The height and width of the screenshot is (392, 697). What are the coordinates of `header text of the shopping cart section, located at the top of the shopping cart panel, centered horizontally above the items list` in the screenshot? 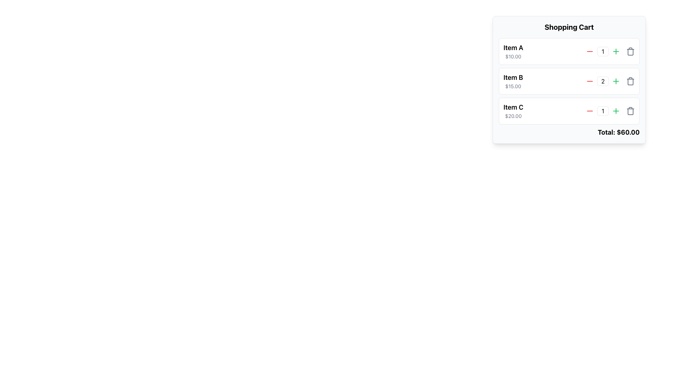 It's located at (569, 26).